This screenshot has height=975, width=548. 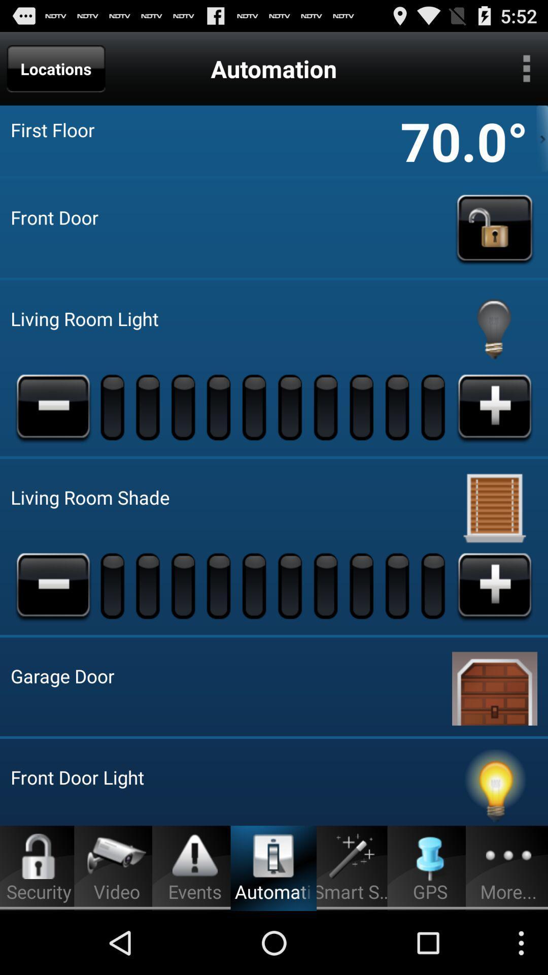 What do you see at coordinates (53, 407) in the screenshot?
I see `minus` at bounding box center [53, 407].